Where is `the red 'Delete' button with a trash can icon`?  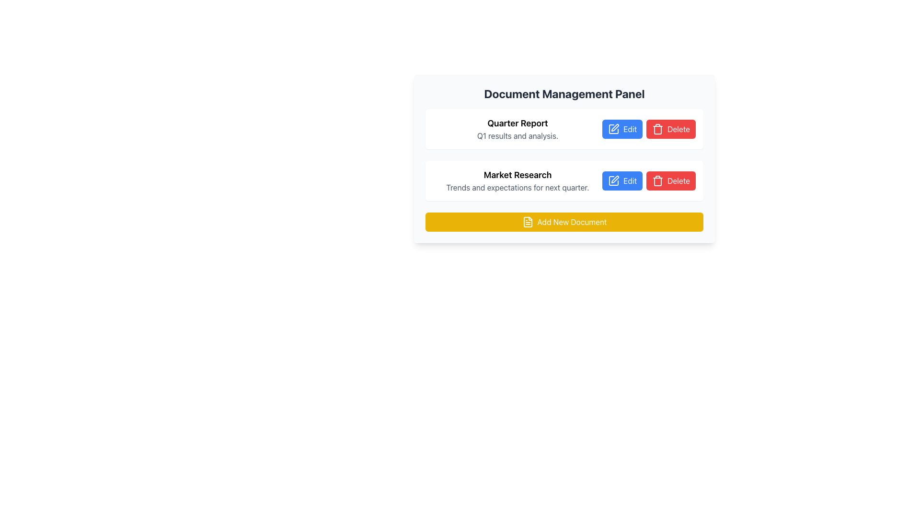
the red 'Delete' button with a trash can icon is located at coordinates (670, 129).